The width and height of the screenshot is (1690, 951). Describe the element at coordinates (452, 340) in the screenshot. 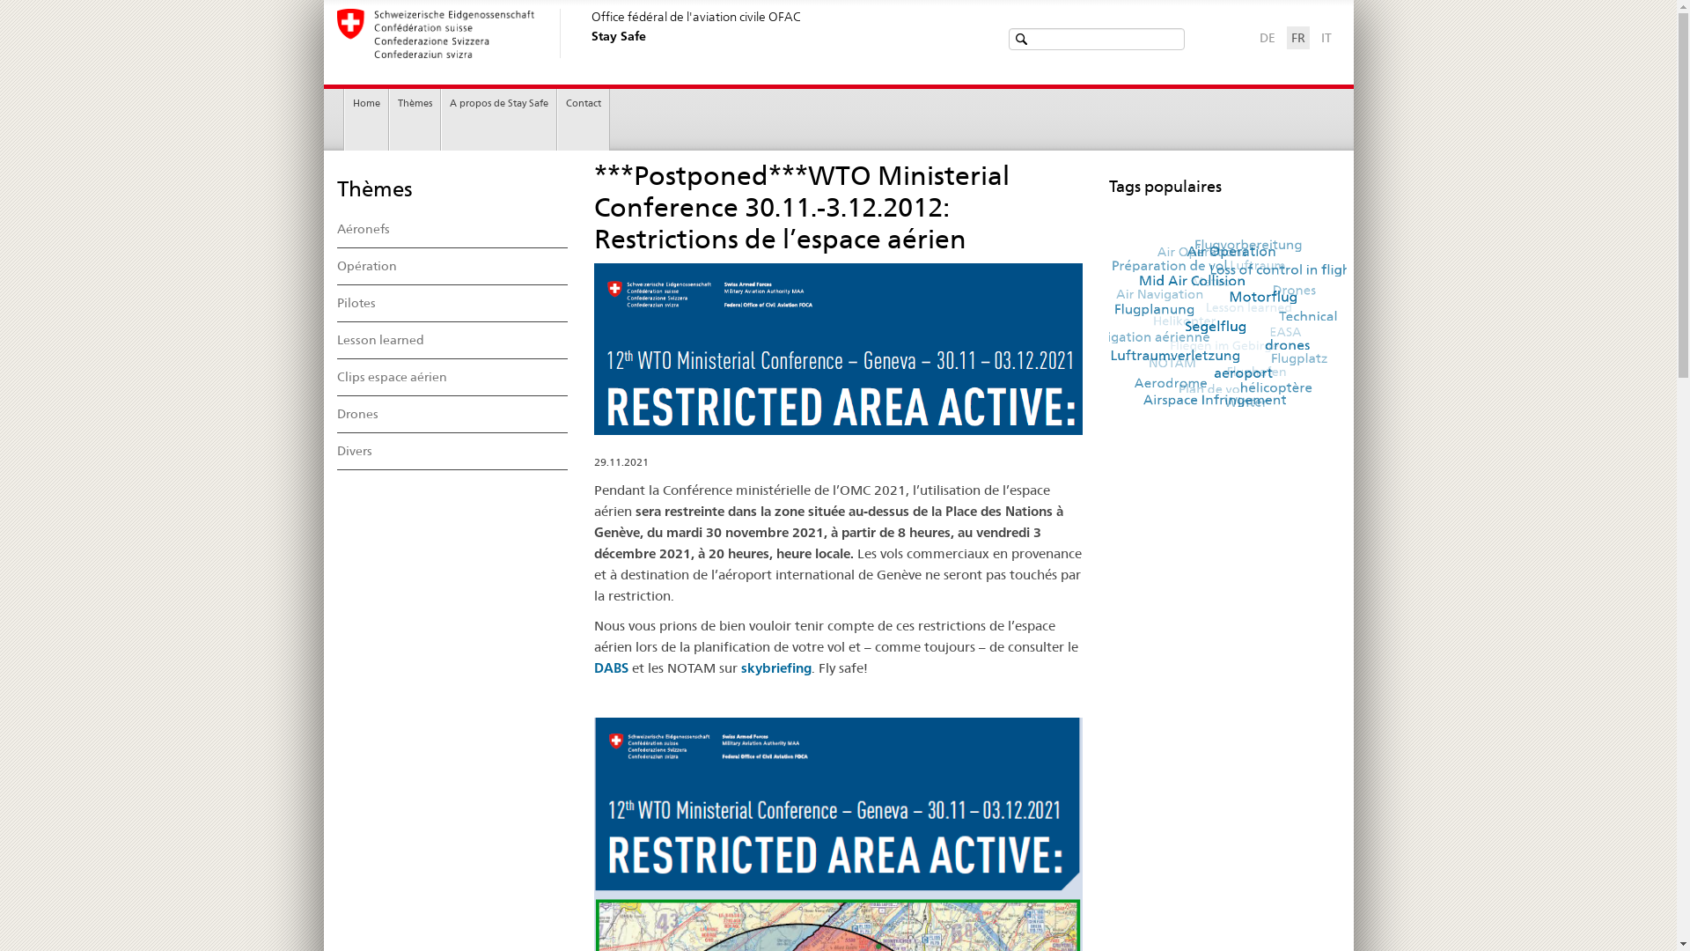

I see `'Lesson learned'` at that location.